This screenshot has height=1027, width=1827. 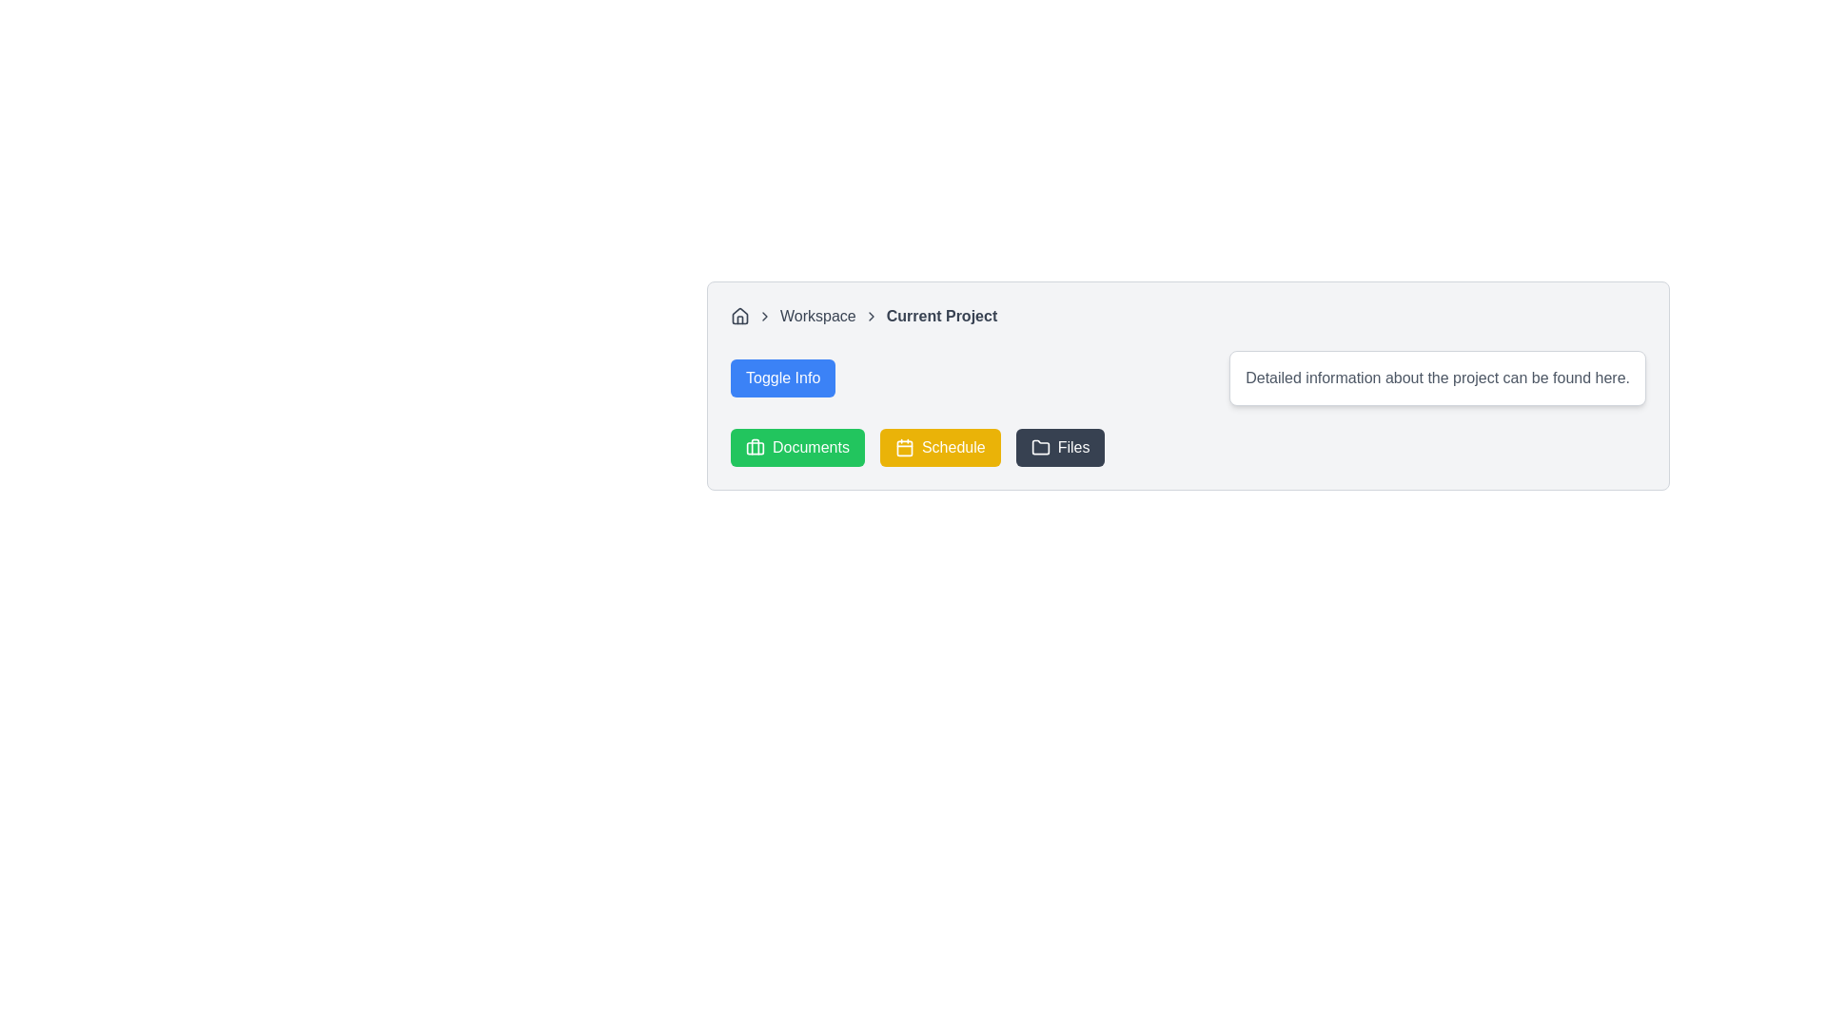 I want to click on the blue rectangular button labeled 'Toggle Info' to change its color, so click(x=783, y=378).